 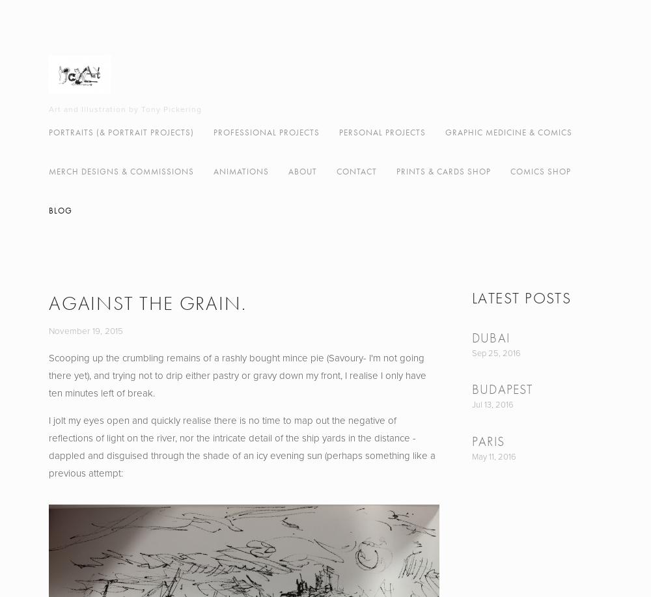 I want to click on 'November 19, 2015', so click(x=86, y=330).